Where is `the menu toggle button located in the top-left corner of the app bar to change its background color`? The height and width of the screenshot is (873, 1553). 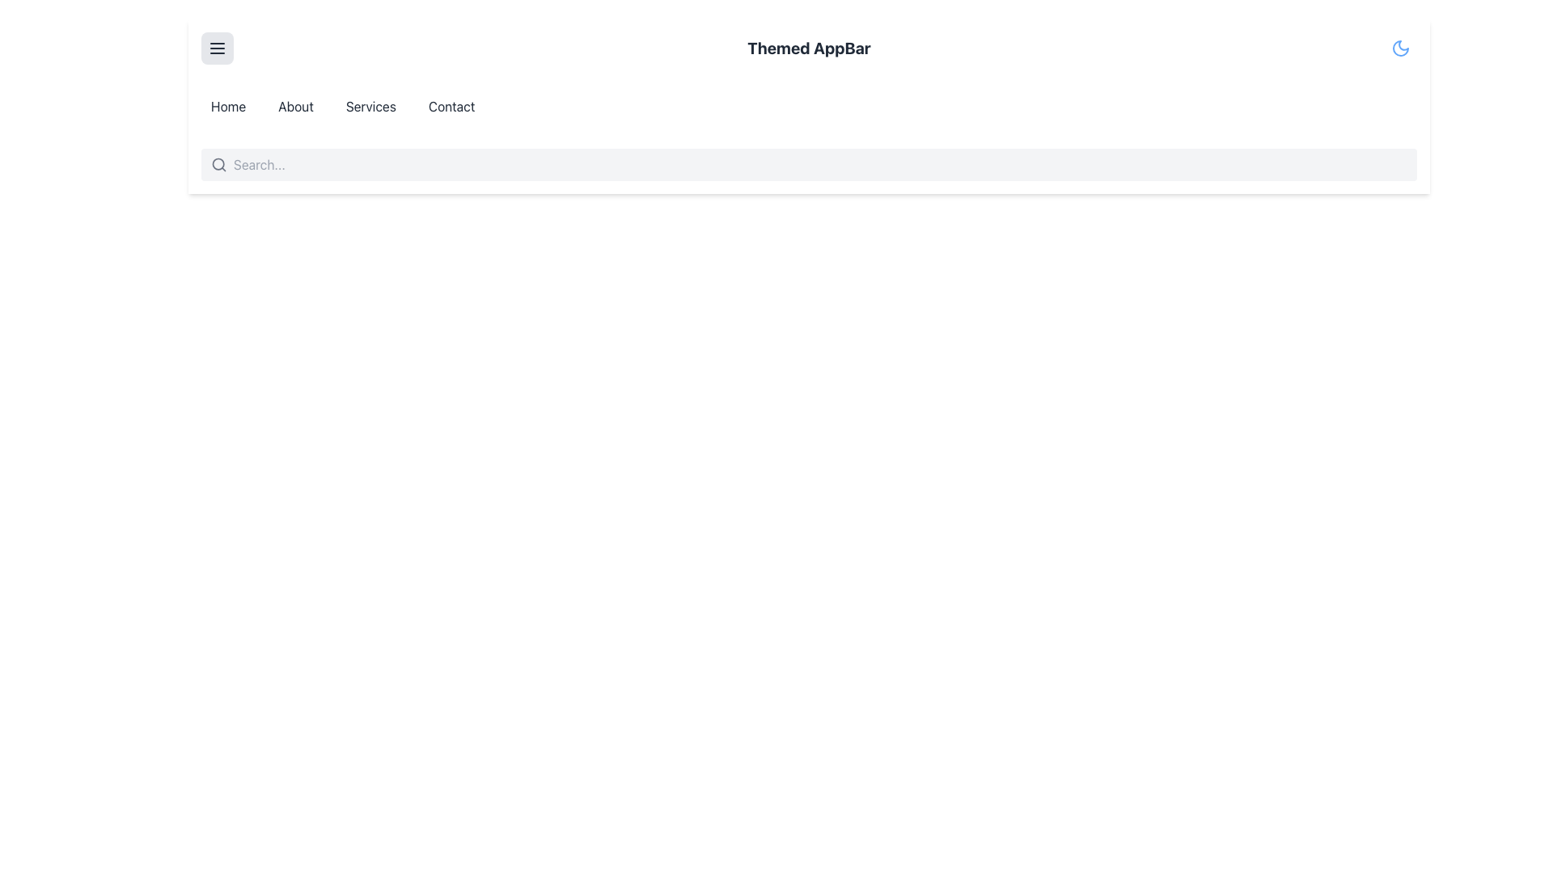
the menu toggle button located in the top-left corner of the app bar to change its background color is located at coordinates (216, 48).